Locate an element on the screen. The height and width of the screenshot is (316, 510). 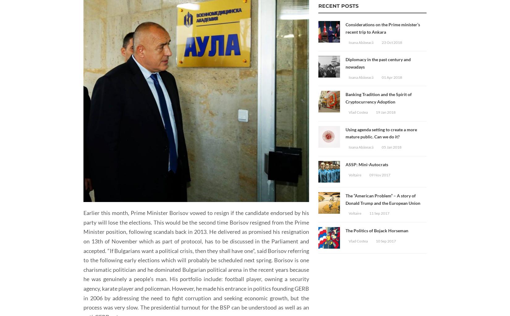
'23 Oct 2018' is located at coordinates (391, 42).